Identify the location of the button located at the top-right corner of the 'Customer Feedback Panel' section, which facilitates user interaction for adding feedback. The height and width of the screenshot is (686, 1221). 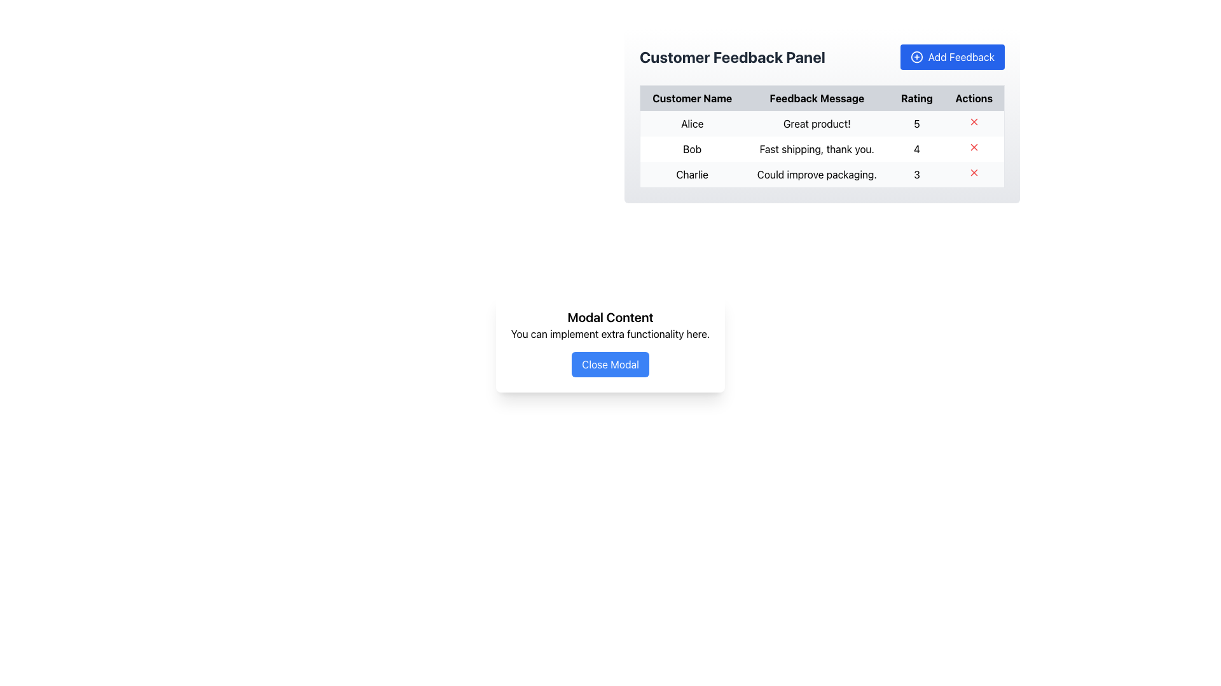
(952, 56).